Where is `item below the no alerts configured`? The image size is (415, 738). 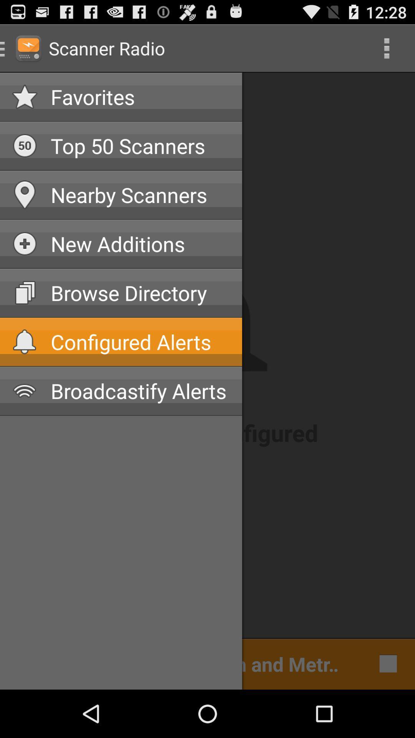 item below the no alerts configured is located at coordinates (179, 663).